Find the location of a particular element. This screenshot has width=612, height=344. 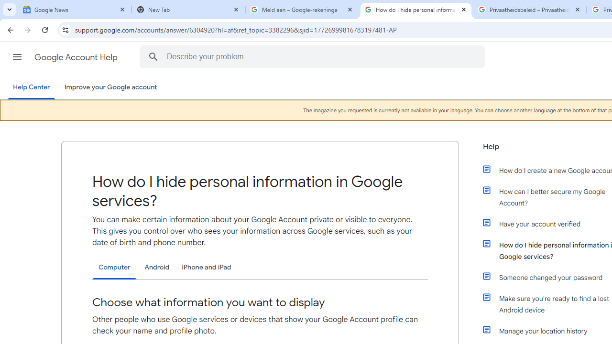

'iPhone and iPad' is located at coordinates (206, 267).